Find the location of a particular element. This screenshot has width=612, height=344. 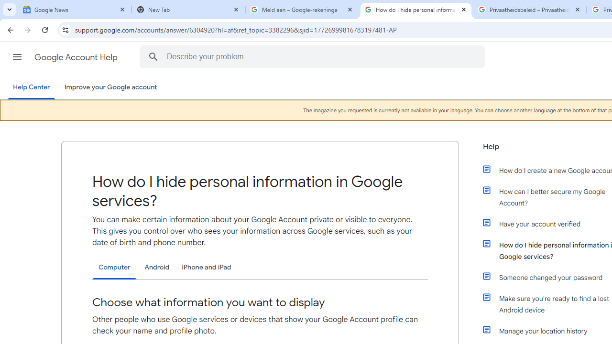

'iPhone and iPad' is located at coordinates (206, 267).